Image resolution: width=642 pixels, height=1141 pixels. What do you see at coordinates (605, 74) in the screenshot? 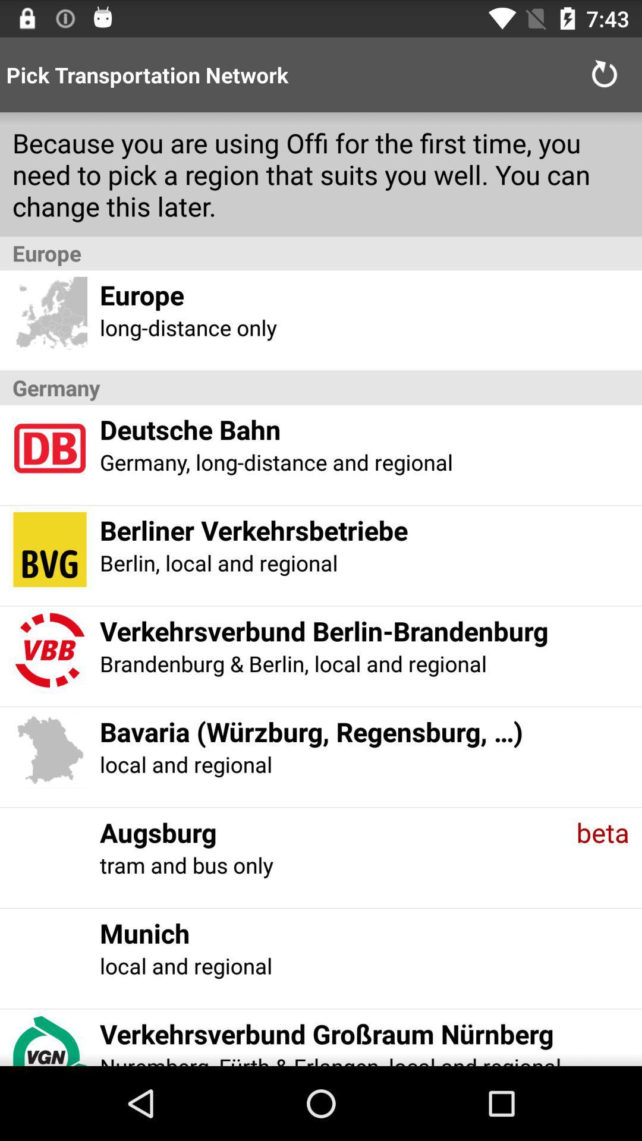
I see `item next to pick transportation network icon` at bounding box center [605, 74].